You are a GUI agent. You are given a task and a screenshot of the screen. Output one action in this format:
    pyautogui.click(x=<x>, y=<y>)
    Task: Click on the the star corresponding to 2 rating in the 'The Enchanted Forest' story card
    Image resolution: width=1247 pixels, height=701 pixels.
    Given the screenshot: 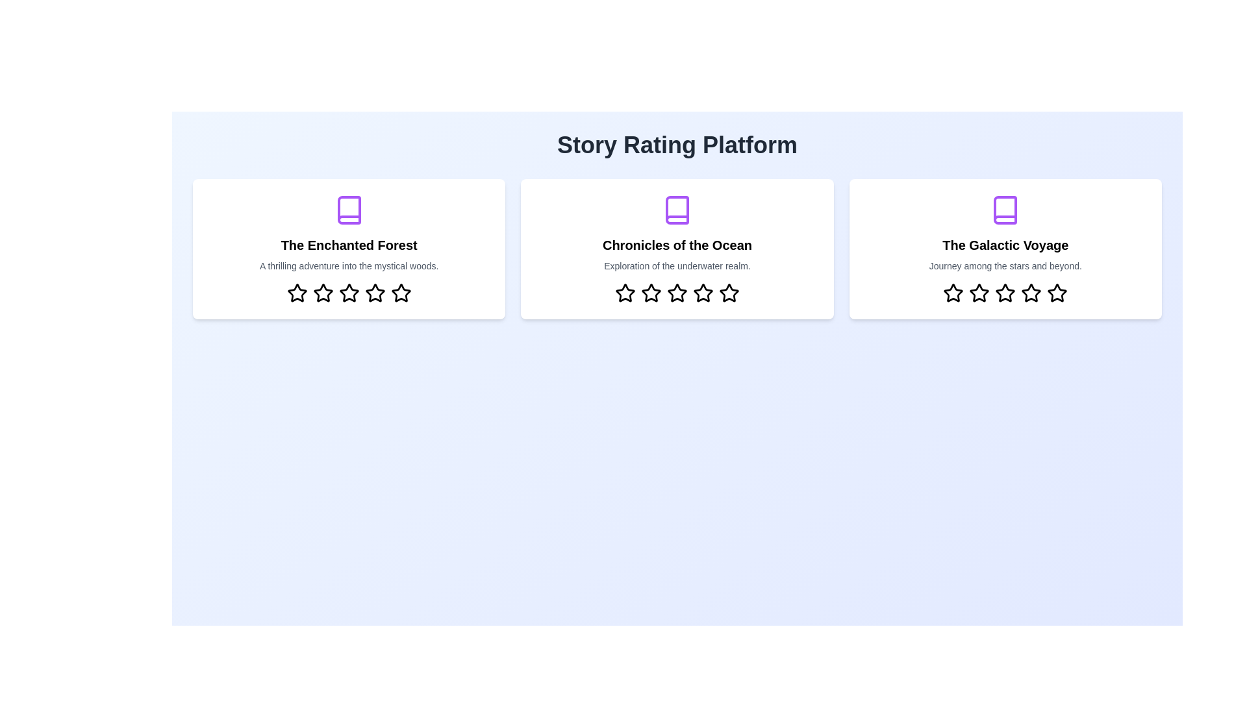 What is the action you would take?
    pyautogui.click(x=323, y=293)
    